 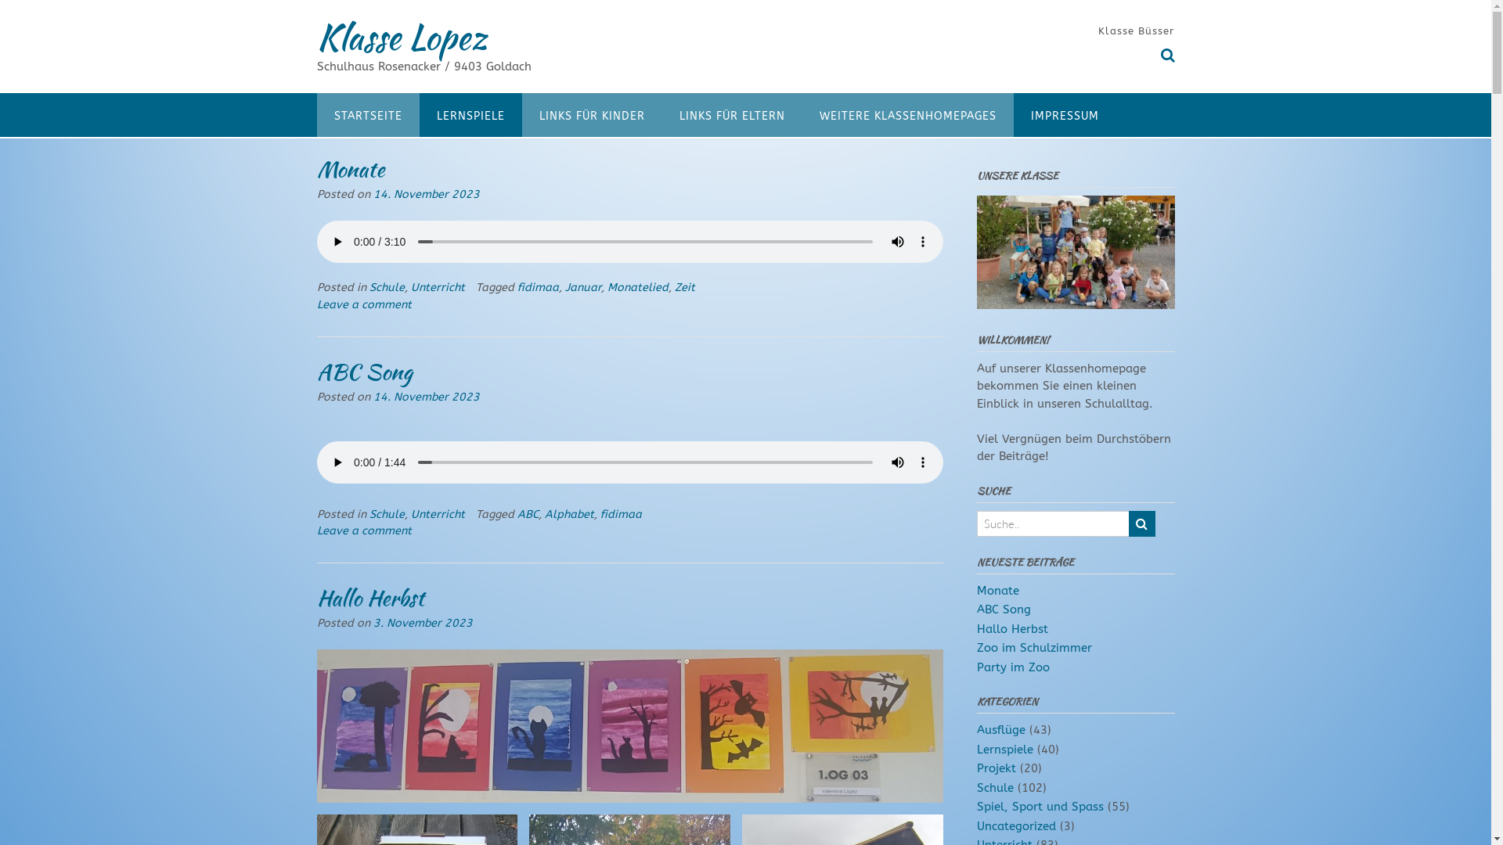 I want to click on 'Spiel, Sport und Spass', so click(x=1040, y=806).